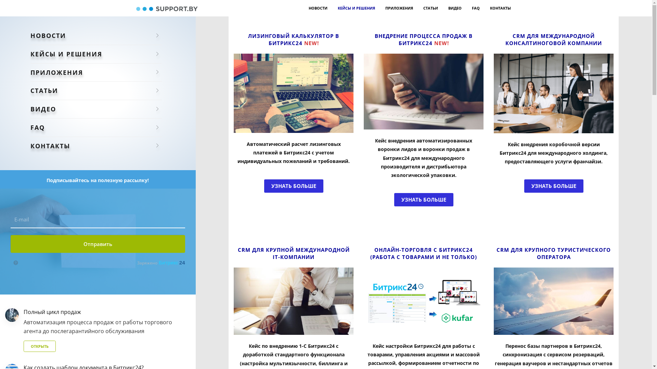 Image resolution: width=657 pixels, height=369 pixels. I want to click on 'FAQ', so click(475, 8).